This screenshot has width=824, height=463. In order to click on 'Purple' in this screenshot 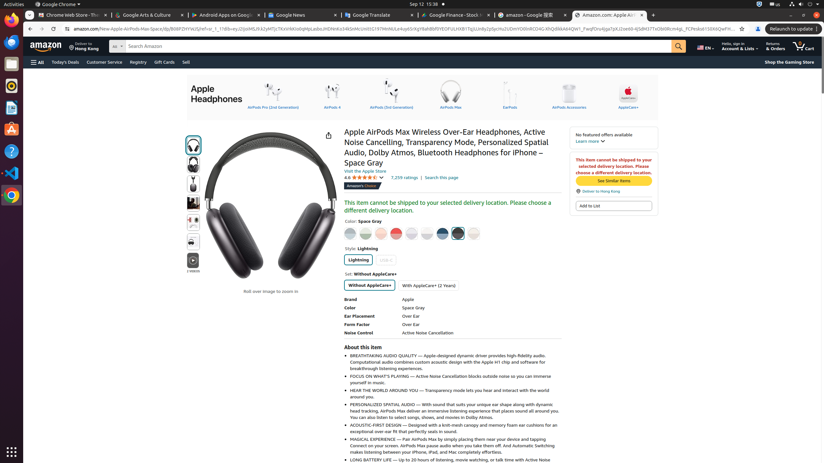, I will do `click(412, 233)`.